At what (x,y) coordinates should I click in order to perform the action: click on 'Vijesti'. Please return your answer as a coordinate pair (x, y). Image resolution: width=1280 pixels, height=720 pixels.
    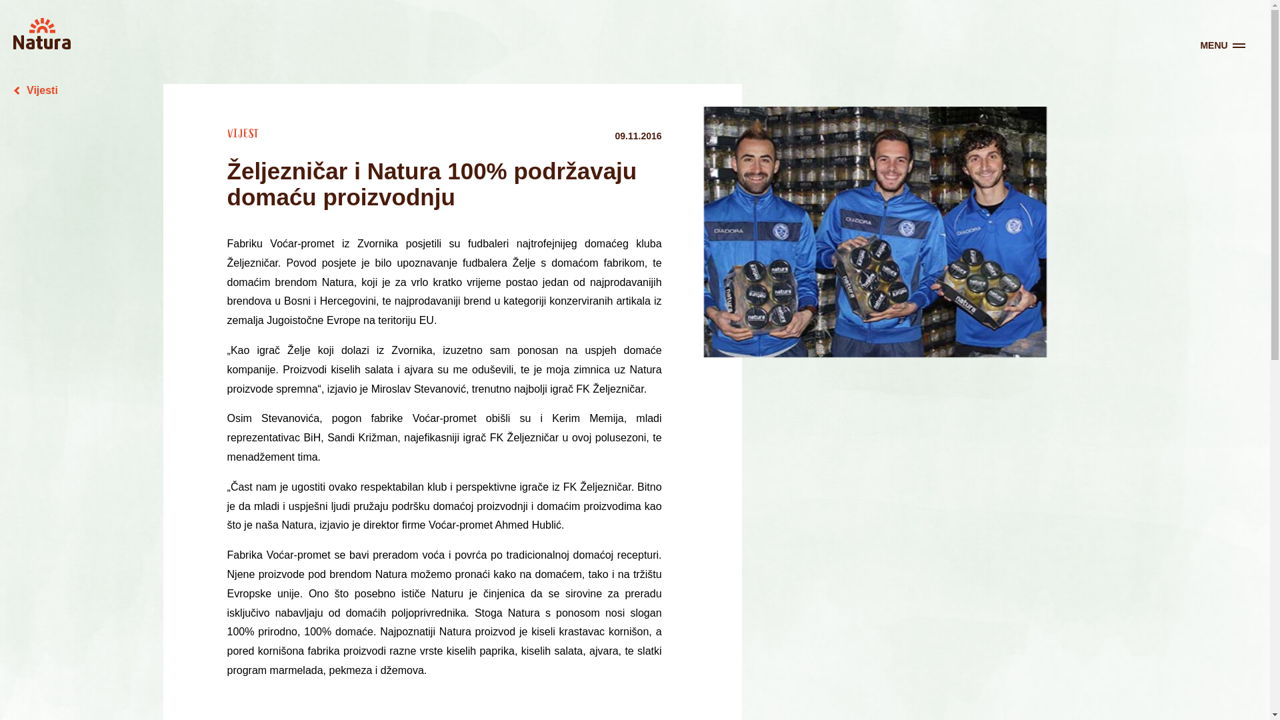
    Looking at the image, I should click on (35, 90).